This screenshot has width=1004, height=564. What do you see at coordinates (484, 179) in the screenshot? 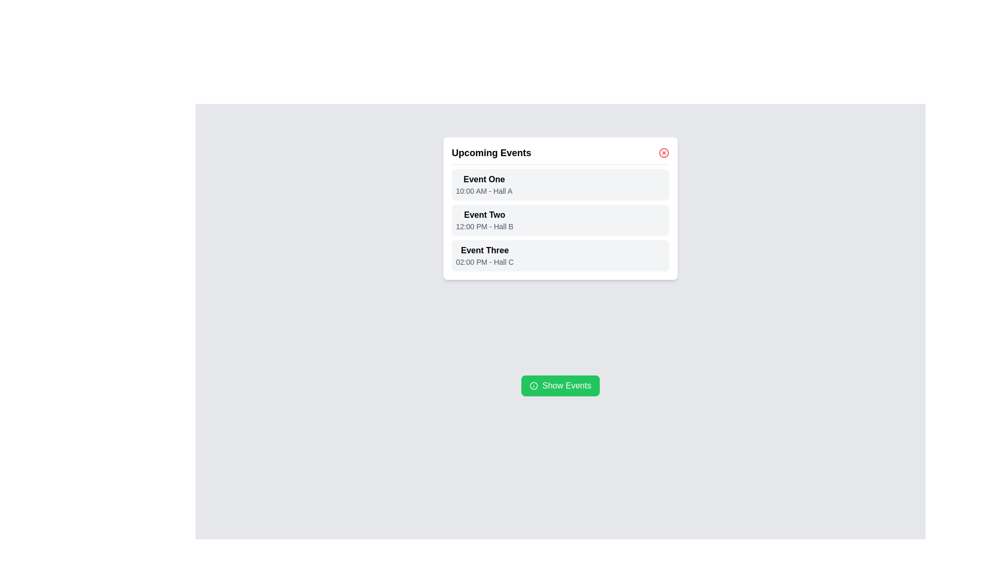
I see `the Text Label that indicates the title of the first event in the 'Upcoming Events' section, located above '10:00 AM - Hall A'` at bounding box center [484, 179].